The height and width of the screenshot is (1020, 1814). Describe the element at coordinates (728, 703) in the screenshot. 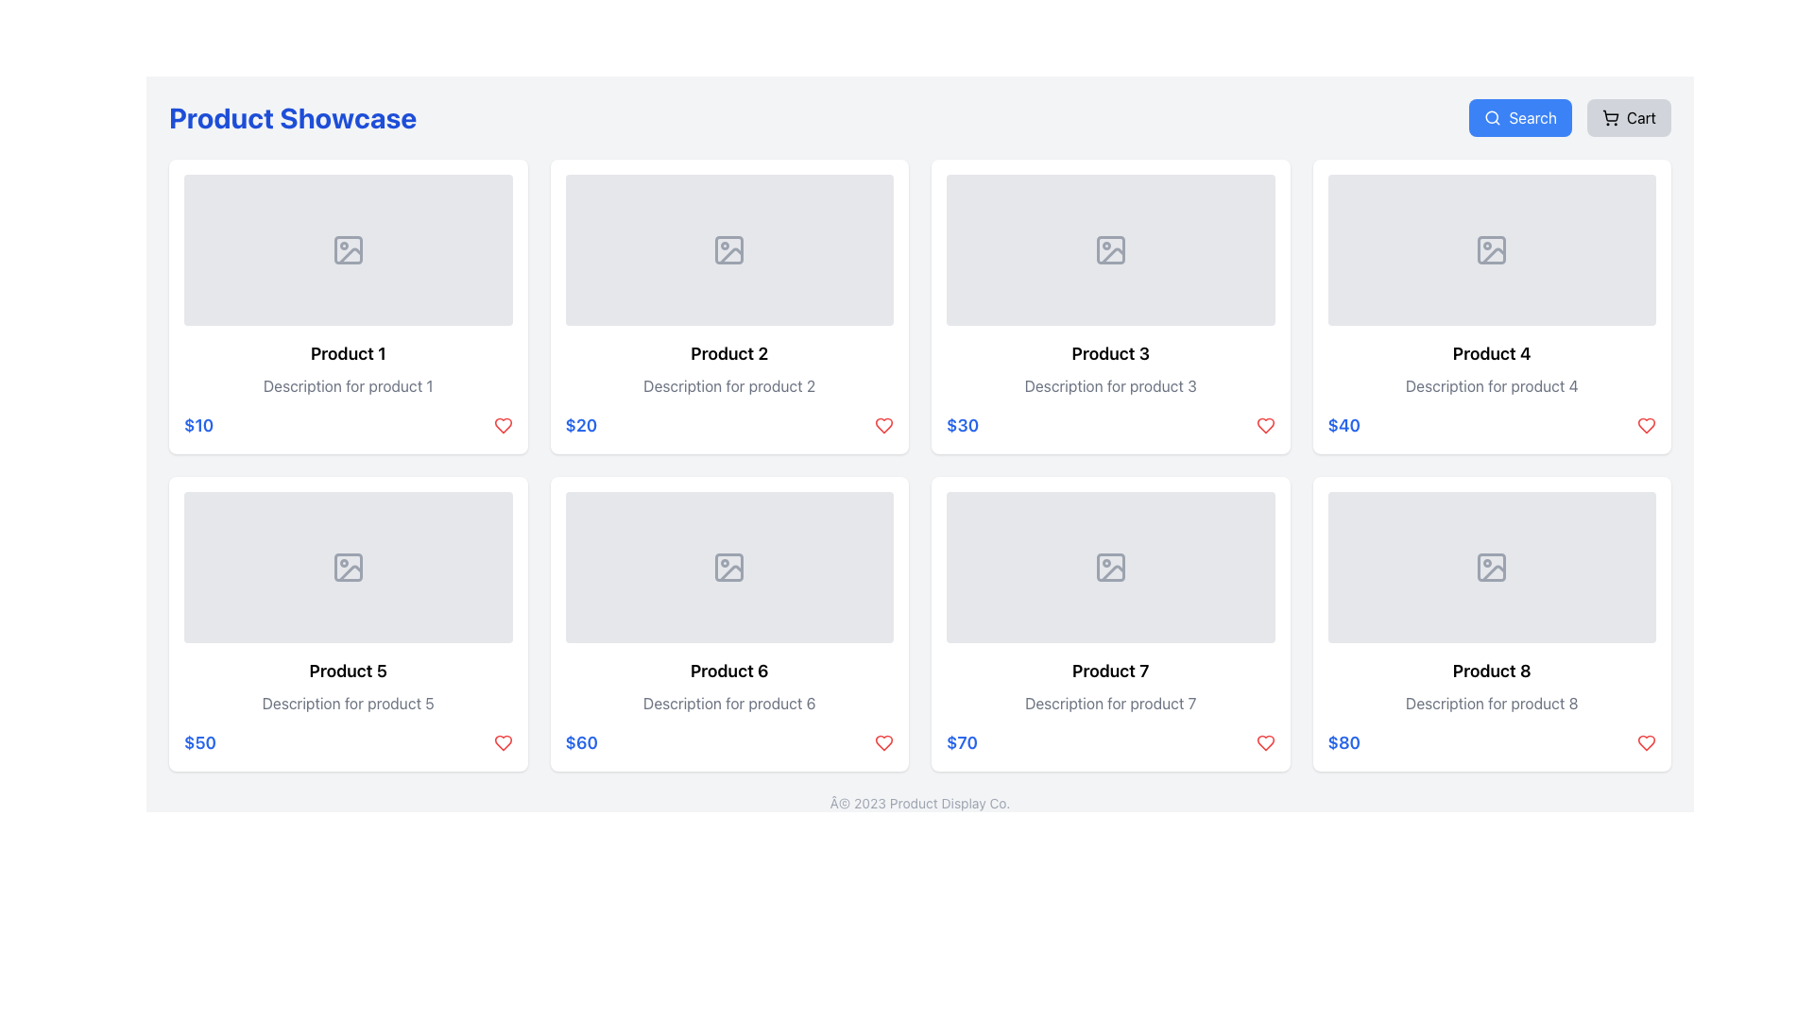

I see `the label displaying 'Description for product 6', which is located below the title 'Product 6' and above the price '$60' in the sixth product card` at that location.